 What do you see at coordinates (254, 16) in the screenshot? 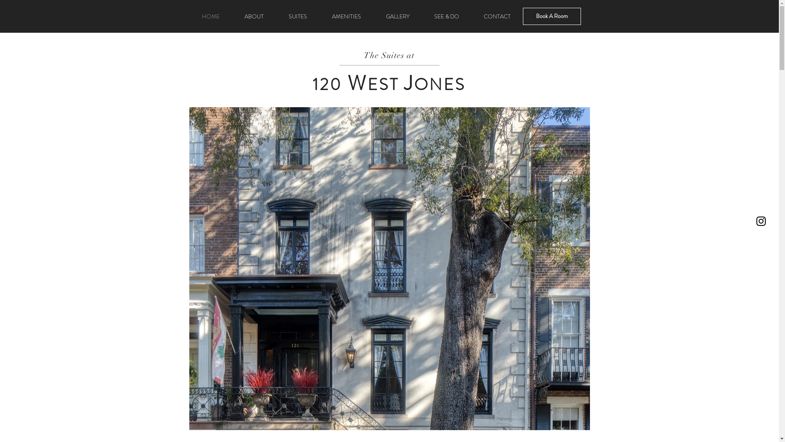
I see `'ABOUT'` at bounding box center [254, 16].